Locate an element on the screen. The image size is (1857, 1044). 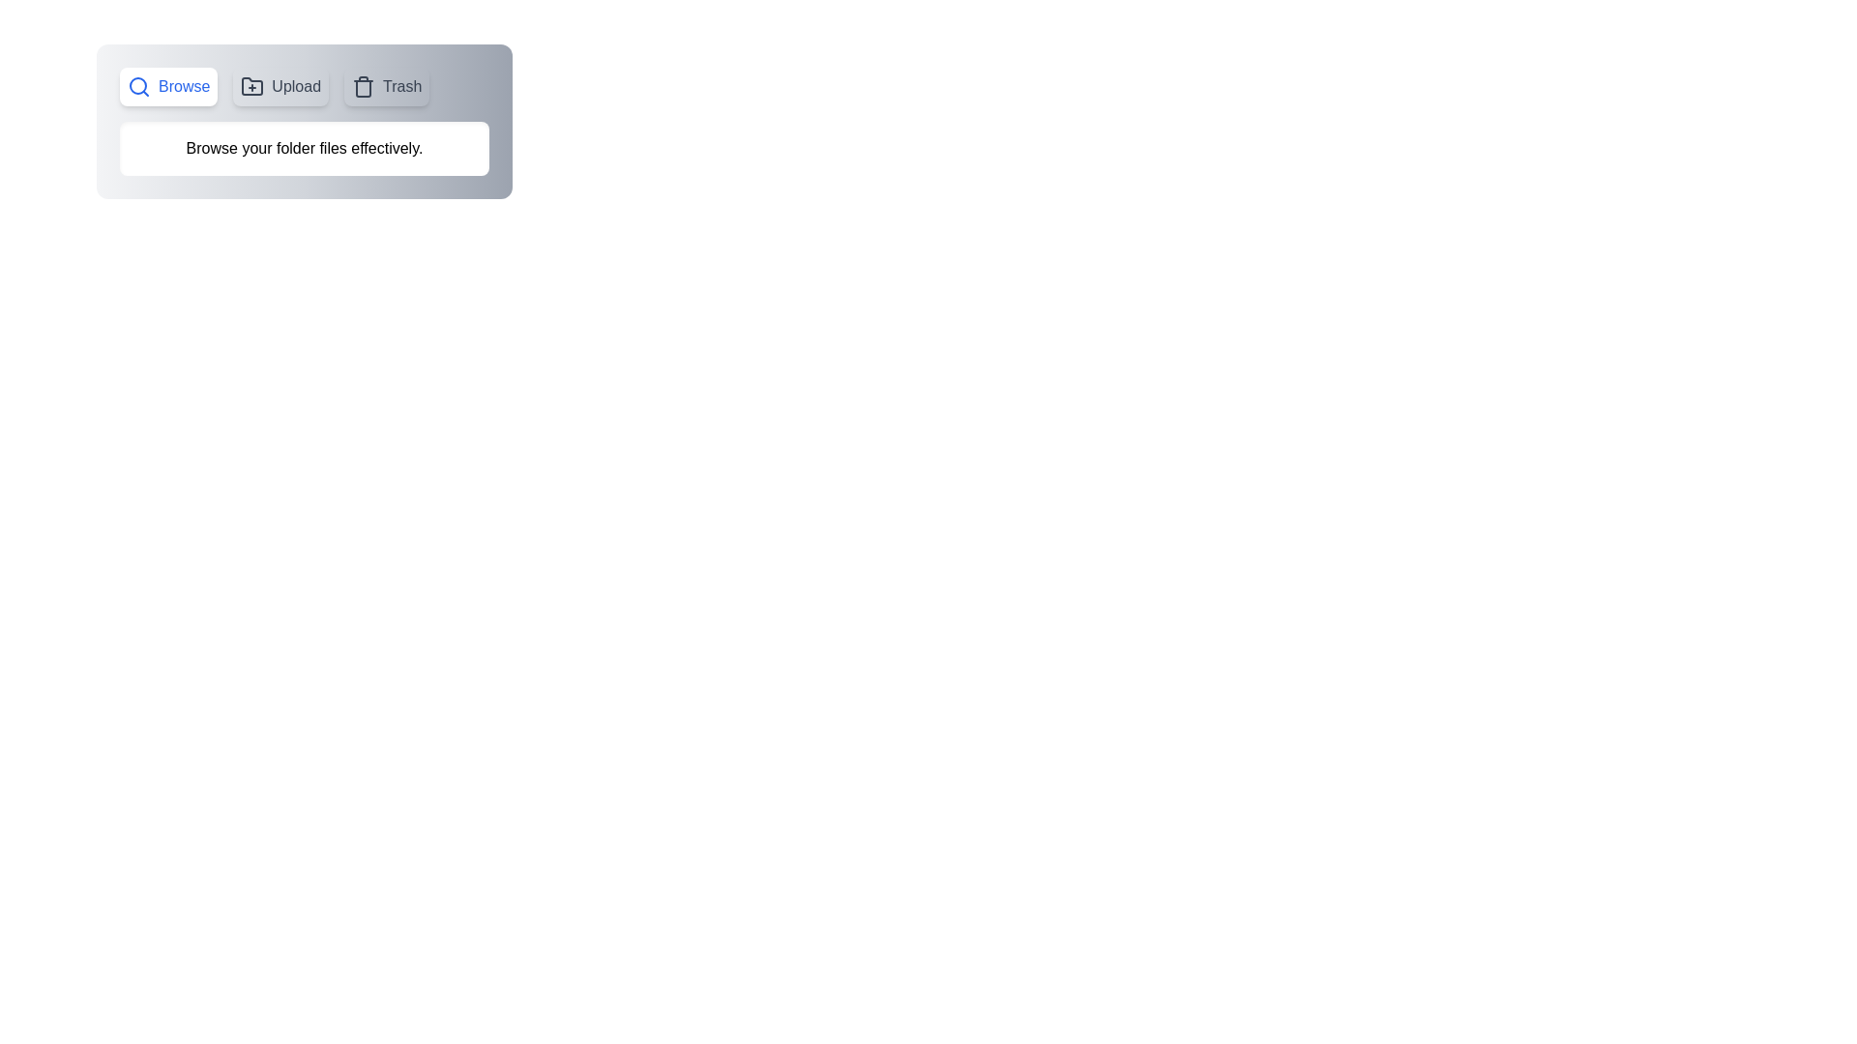
the Trash tab is located at coordinates (386, 85).